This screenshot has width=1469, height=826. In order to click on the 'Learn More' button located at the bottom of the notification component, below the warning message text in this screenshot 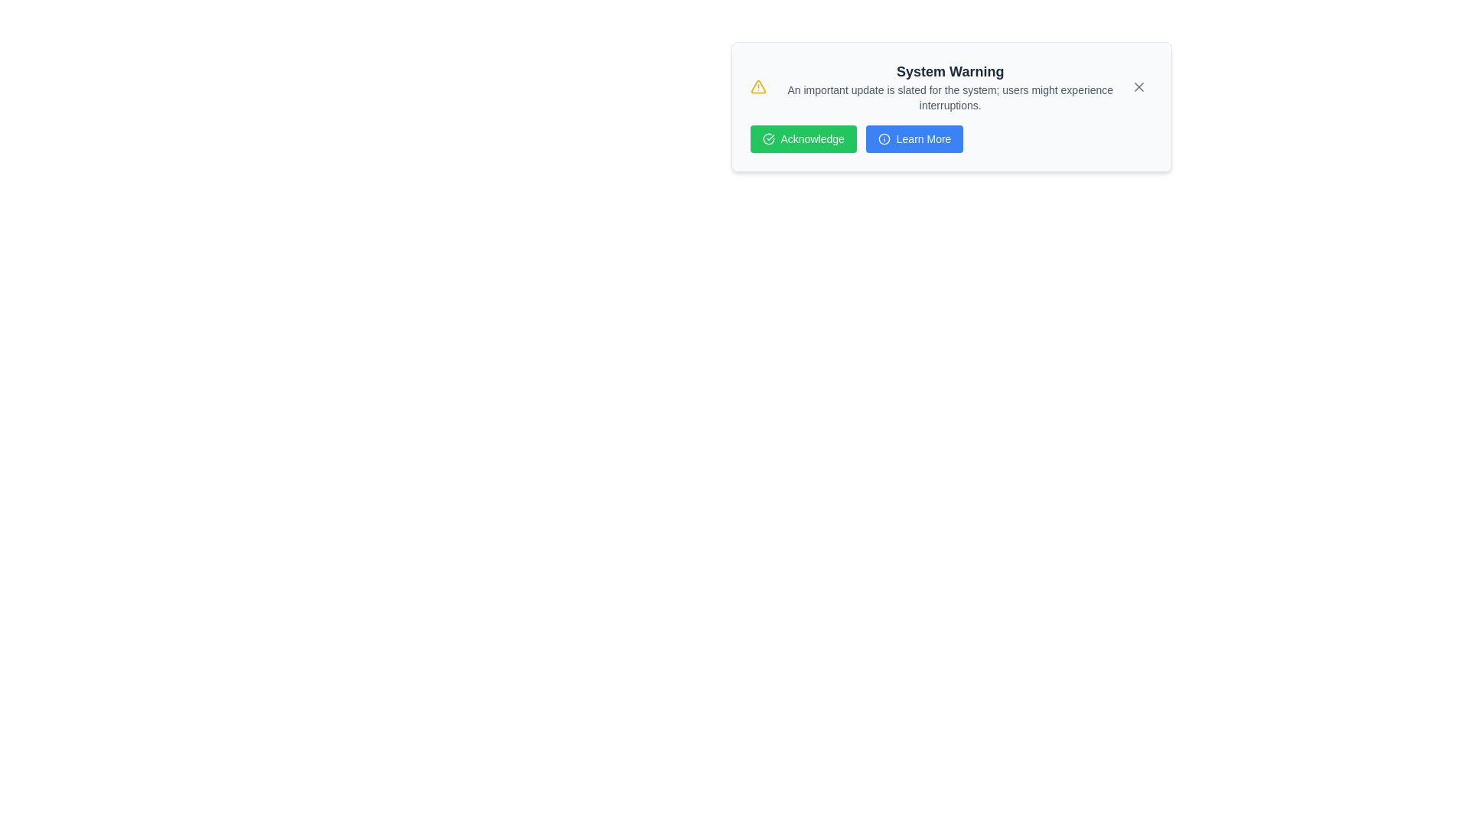, I will do `click(950, 138)`.